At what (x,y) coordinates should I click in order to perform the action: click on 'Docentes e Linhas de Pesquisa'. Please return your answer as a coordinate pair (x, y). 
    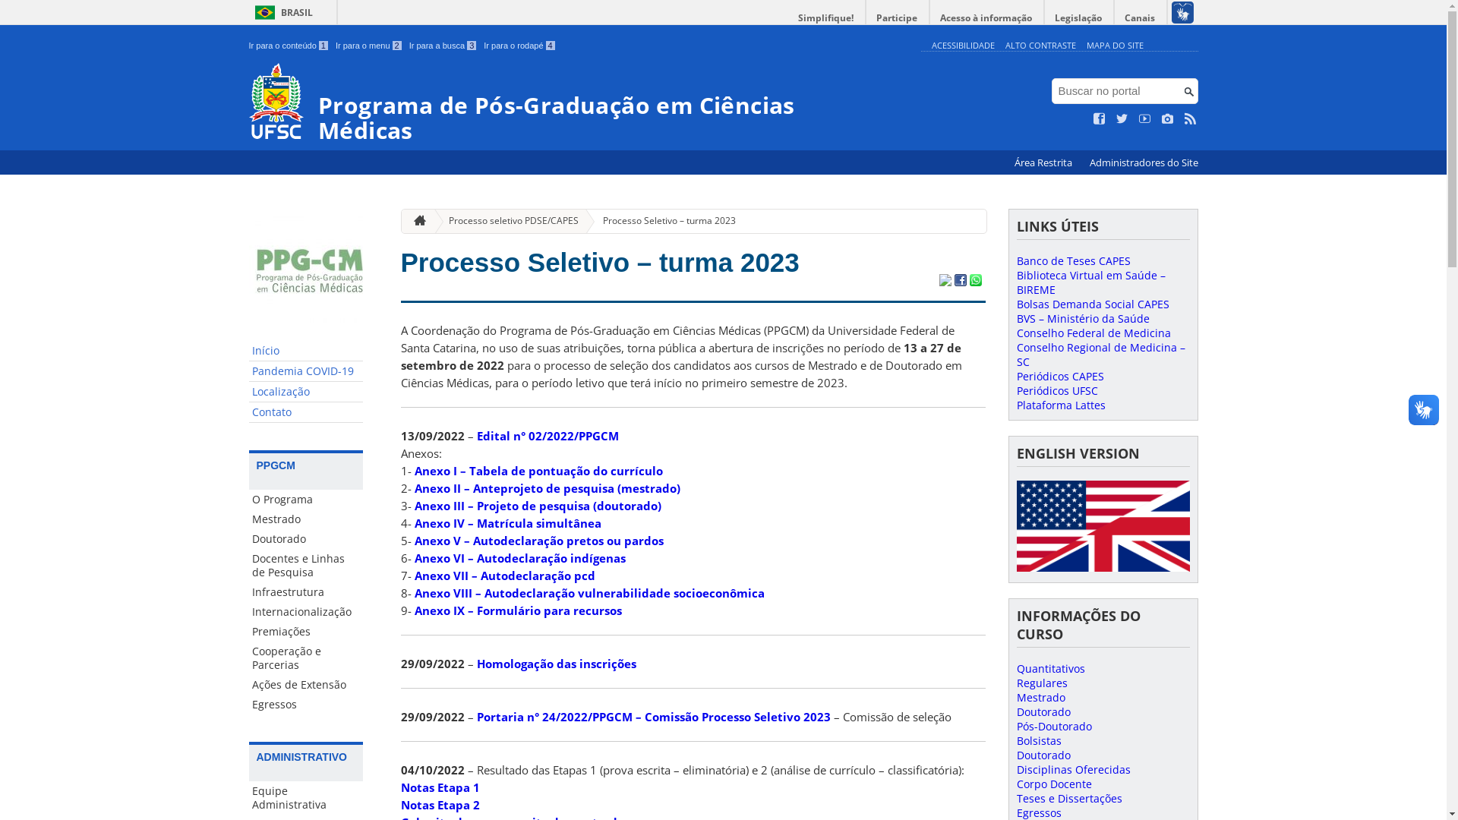
    Looking at the image, I should click on (248, 565).